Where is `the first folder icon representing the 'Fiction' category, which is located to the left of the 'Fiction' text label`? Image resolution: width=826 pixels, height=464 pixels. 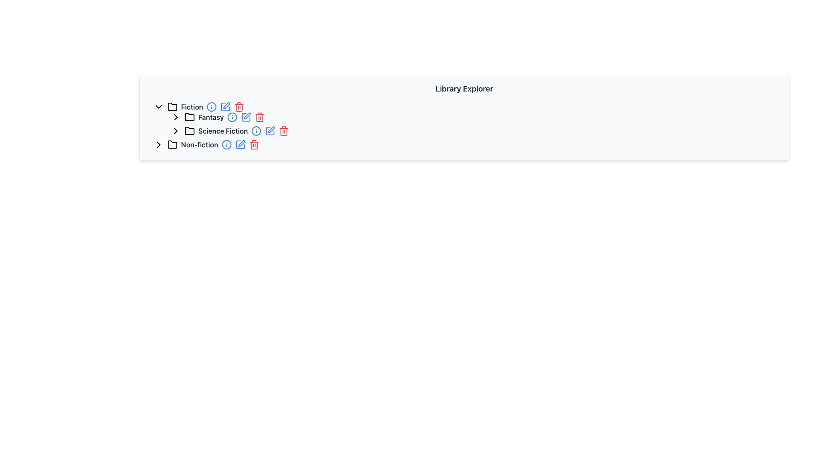
the first folder icon representing the 'Fiction' category, which is located to the left of the 'Fiction' text label is located at coordinates (172, 107).